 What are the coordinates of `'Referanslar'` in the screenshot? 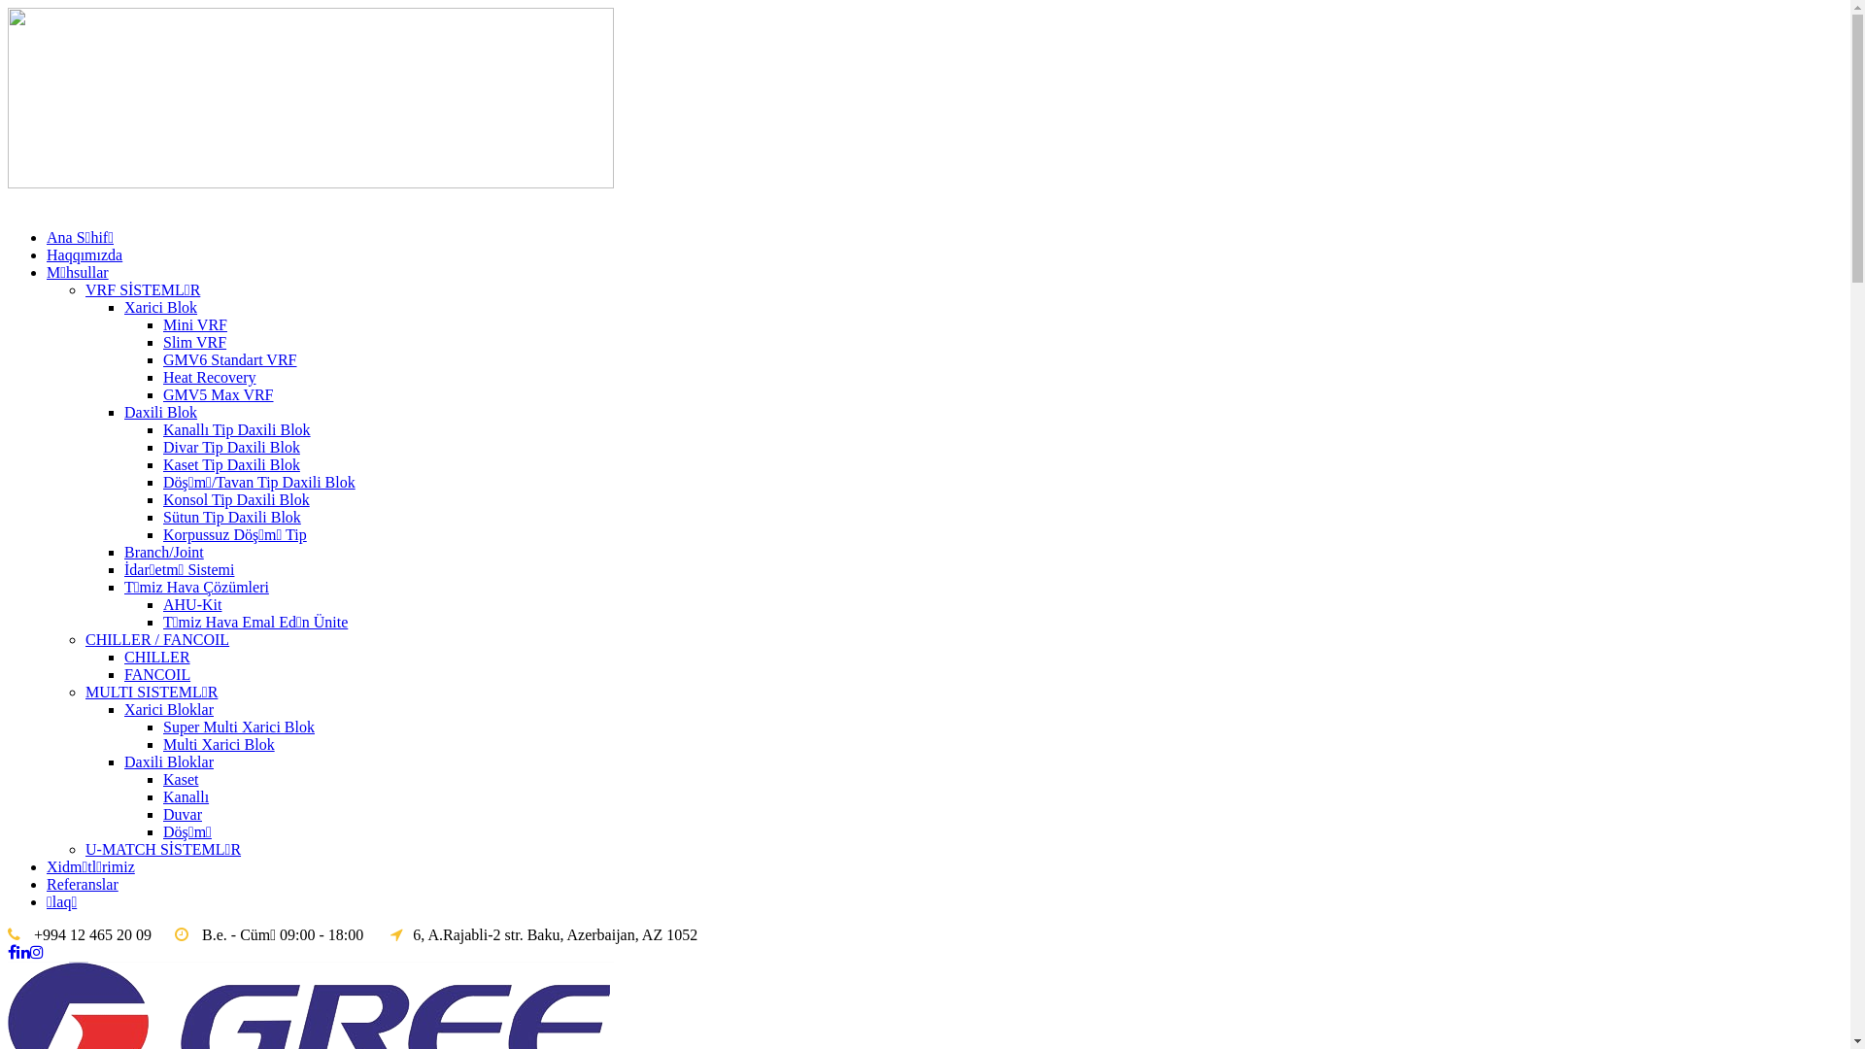 It's located at (82, 884).